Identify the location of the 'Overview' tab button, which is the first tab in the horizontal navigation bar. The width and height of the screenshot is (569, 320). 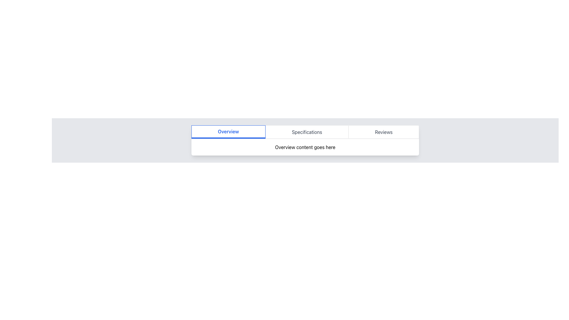
(228, 132).